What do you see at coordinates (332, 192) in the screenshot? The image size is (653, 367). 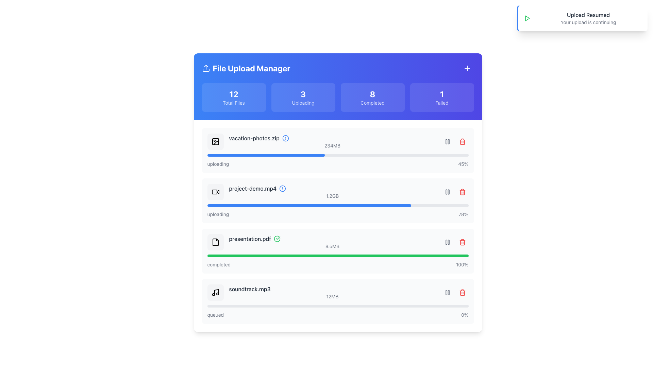 I see `the list item entry displaying the file upload details for 'project-demo.mp4'` at bounding box center [332, 192].